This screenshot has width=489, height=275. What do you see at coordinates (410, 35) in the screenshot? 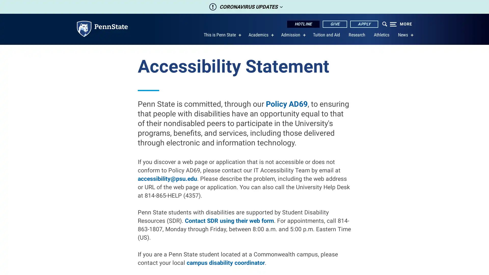
I see `show submenu for News` at bounding box center [410, 35].